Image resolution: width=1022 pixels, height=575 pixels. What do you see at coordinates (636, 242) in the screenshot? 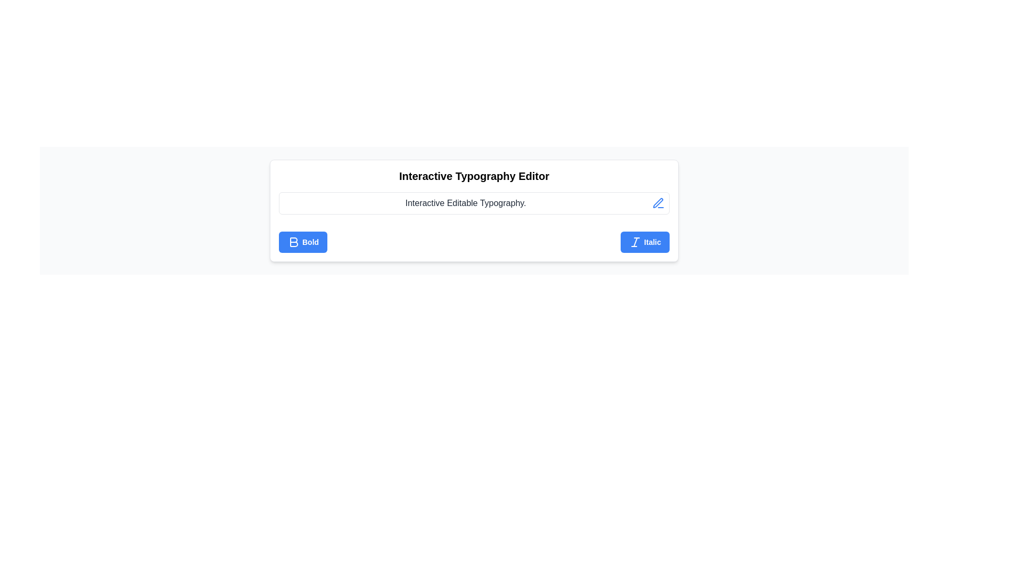
I see `the slanted 'I' icon within the 'Italic' button` at bounding box center [636, 242].